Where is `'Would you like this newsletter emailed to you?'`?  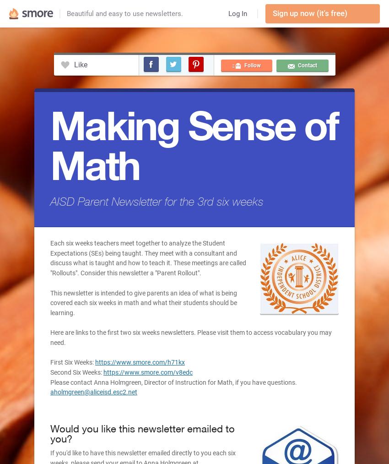 'Would you like this newsletter emailed to you?' is located at coordinates (142, 433).